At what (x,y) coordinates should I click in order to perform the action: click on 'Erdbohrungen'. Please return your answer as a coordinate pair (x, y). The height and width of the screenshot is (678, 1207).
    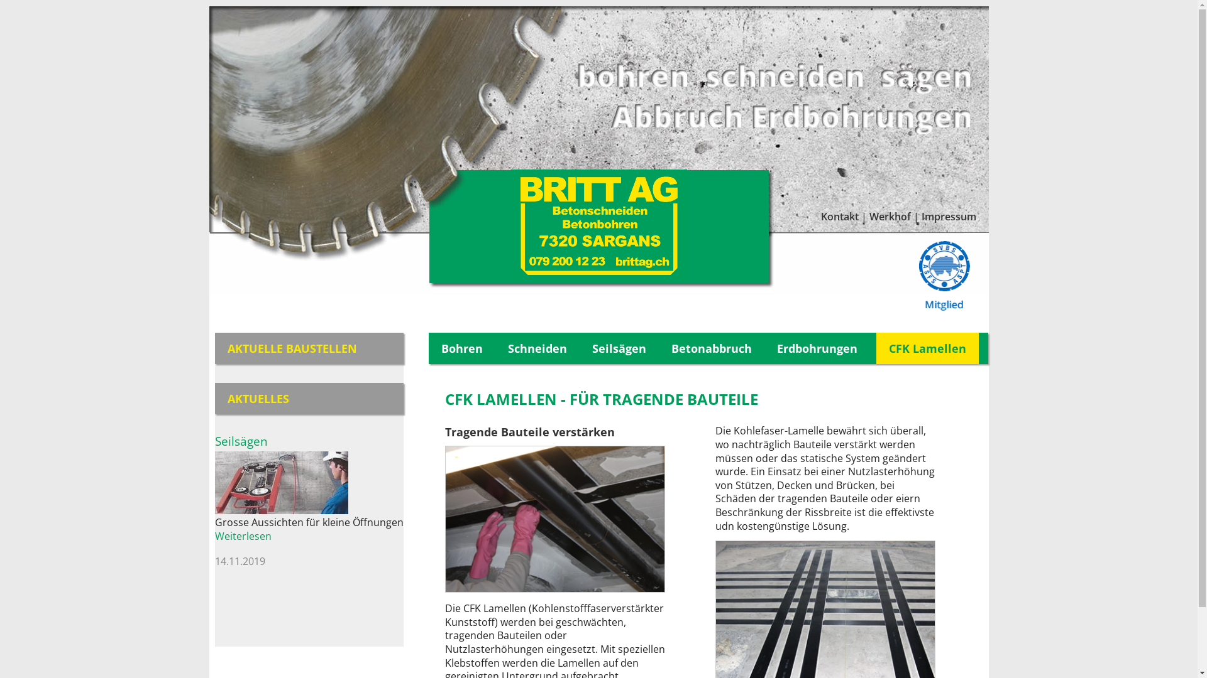
    Looking at the image, I should click on (817, 348).